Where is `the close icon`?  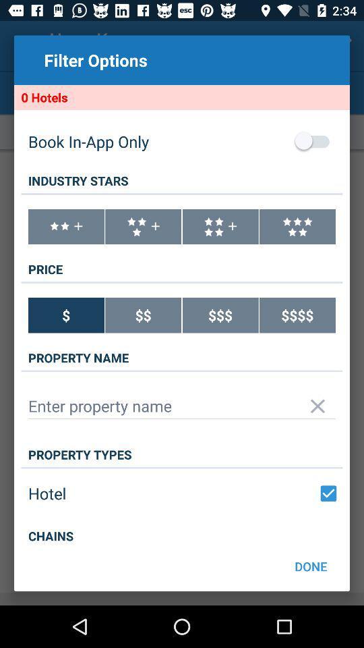 the close icon is located at coordinates (317, 434).